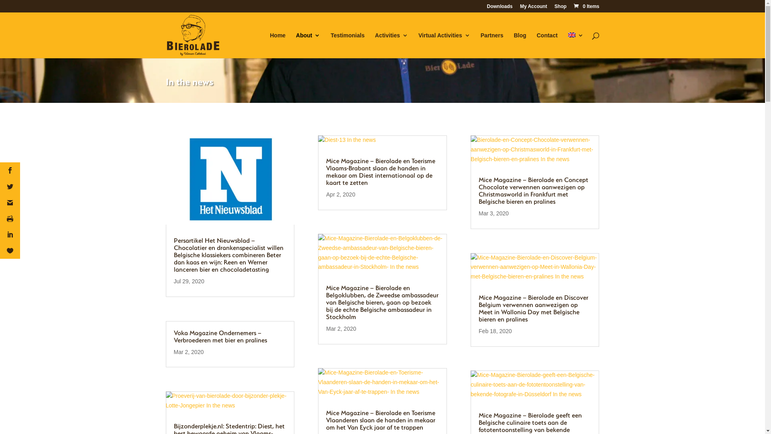  I want to click on 'Downloads', so click(499, 8).